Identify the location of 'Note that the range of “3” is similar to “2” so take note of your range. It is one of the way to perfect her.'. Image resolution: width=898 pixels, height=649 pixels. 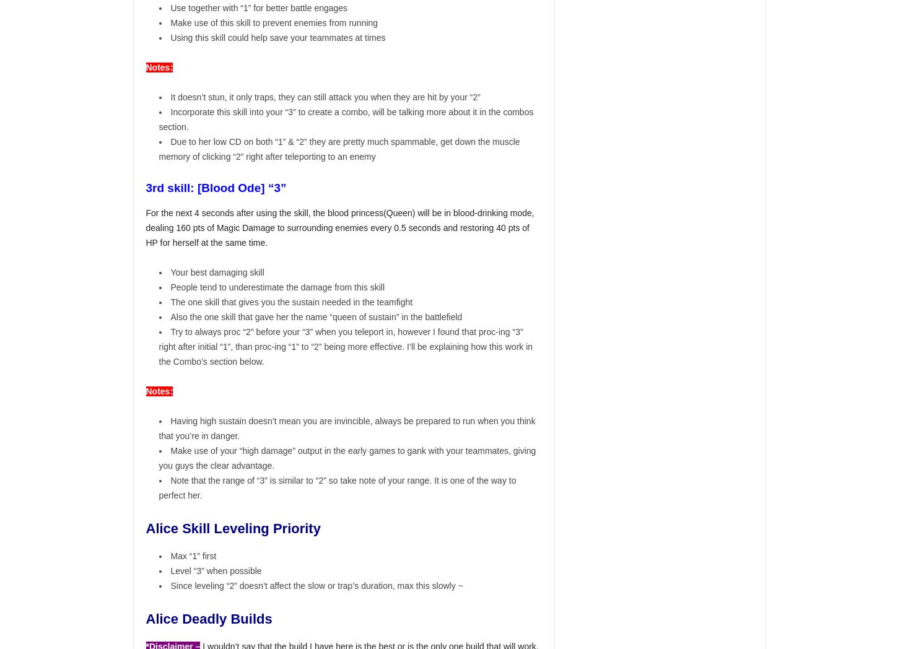
(337, 487).